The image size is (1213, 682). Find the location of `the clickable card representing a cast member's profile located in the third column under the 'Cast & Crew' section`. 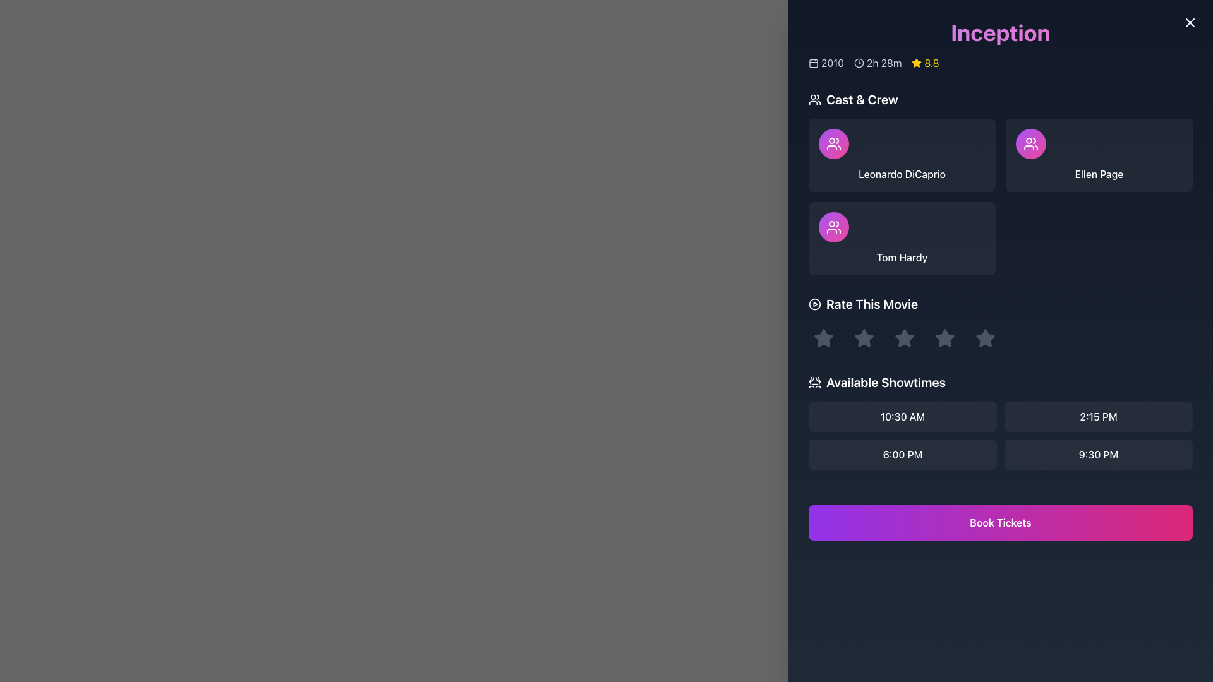

the clickable card representing a cast member's profile located in the third column under the 'Cast & Crew' section is located at coordinates (902, 239).